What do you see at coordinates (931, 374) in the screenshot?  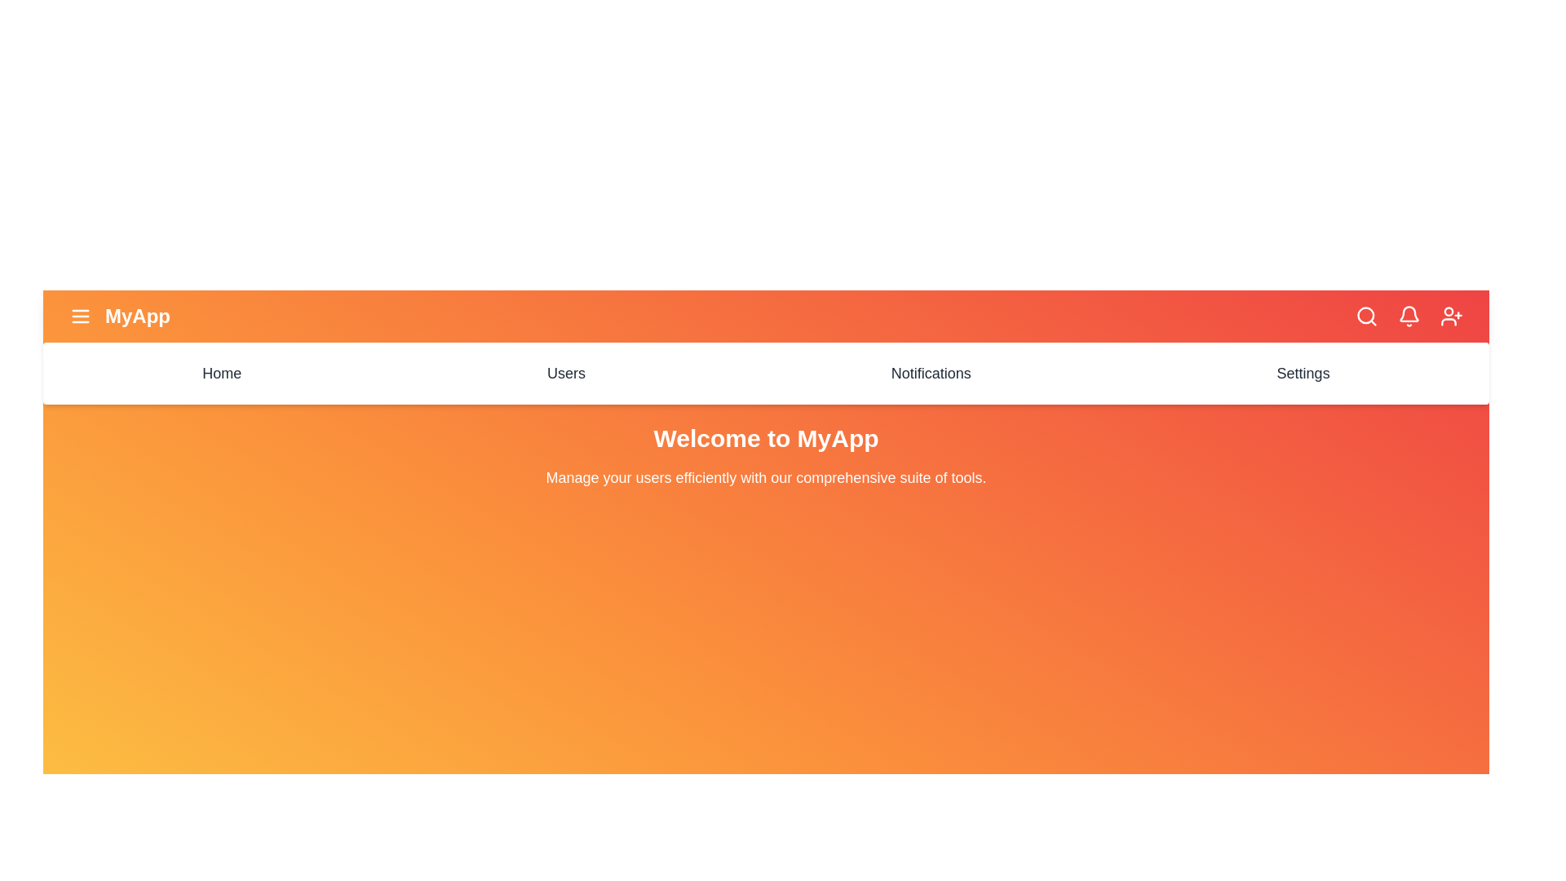 I see `the menu item Notifications` at bounding box center [931, 374].